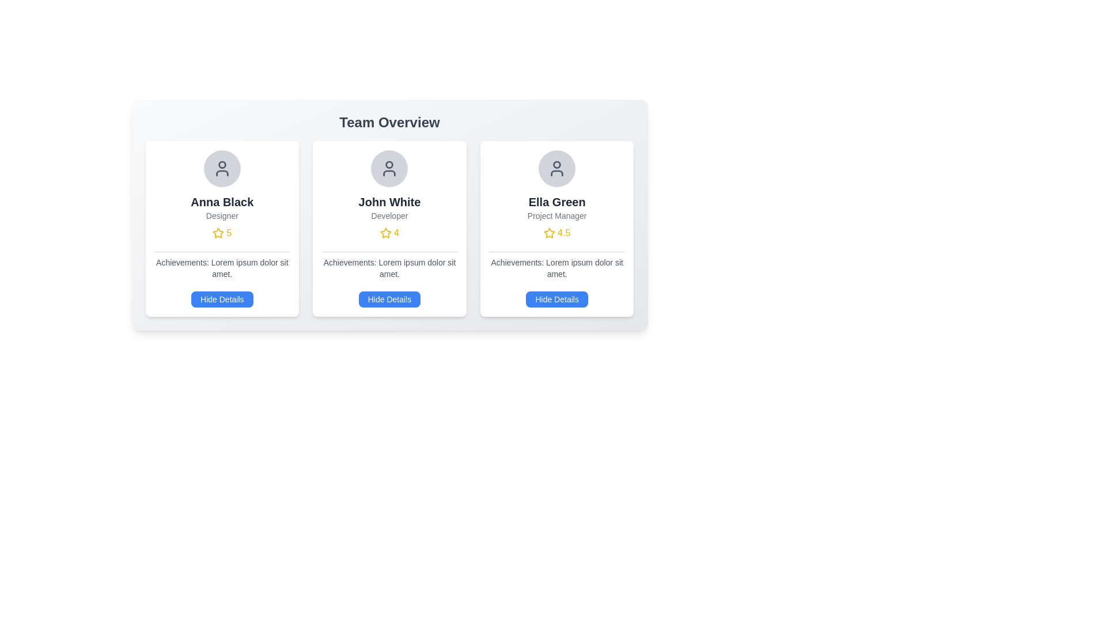 The height and width of the screenshot is (622, 1106). Describe the element at coordinates (222, 217) in the screenshot. I see `the Label displaying 'Anna Black' with a star rating in the first card of the 'Team Overview' section` at that location.